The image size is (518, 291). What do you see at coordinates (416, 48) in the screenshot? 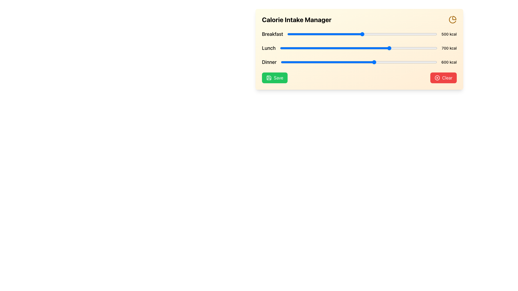
I see `the lunch kcal value` at bounding box center [416, 48].